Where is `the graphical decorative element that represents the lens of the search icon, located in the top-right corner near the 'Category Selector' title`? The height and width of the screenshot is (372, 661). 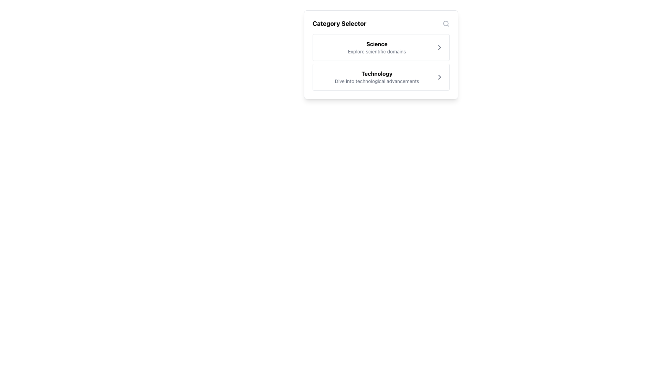 the graphical decorative element that represents the lens of the search icon, located in the top-right corner near the 'Category Selector' title is located at coordinates (446, 23).